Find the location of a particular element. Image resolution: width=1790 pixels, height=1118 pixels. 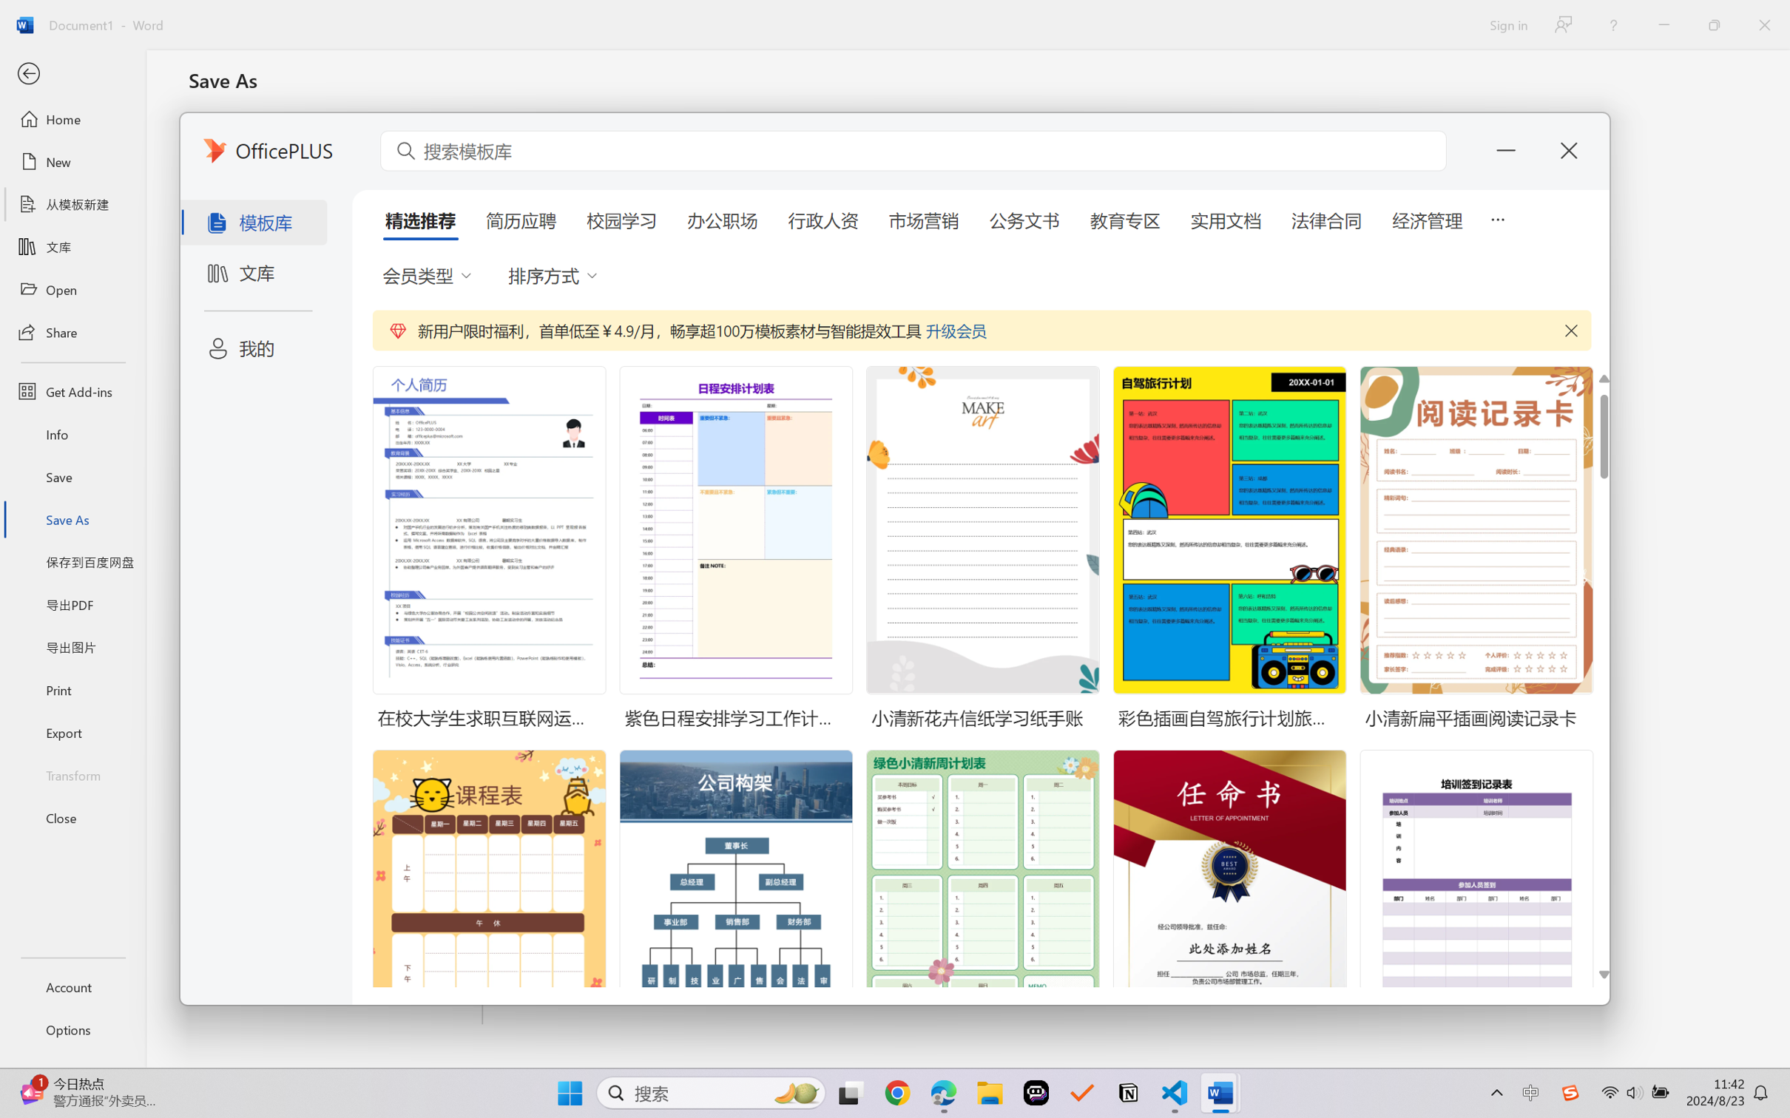

'Back' is located at coordinates (72, 74).